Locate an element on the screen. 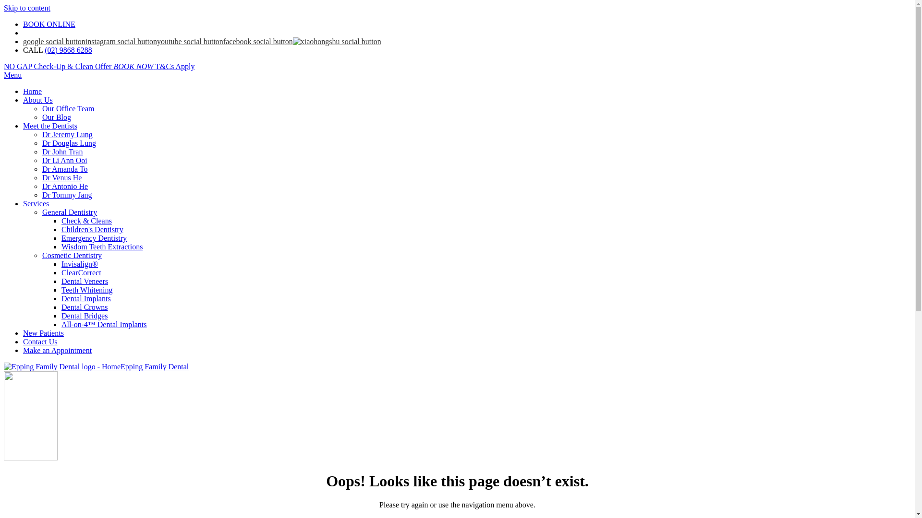 The height and width of the screenshot is (518, 922). 'Dr Amanda To' is located at coordinates (64, 168).